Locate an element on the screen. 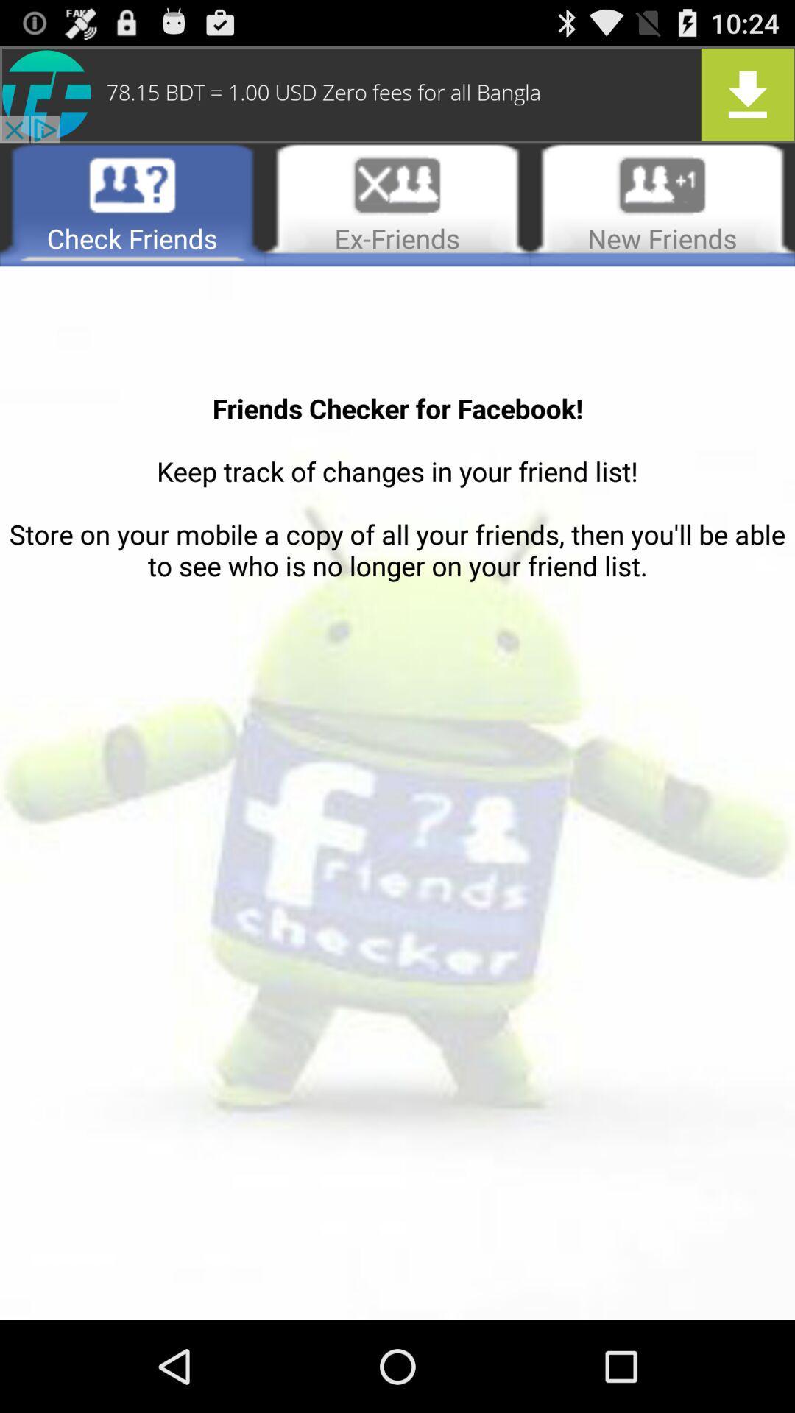 The height and width of the screenshot is (1413, 795). advertise an app is located at coordinates (397, 93).